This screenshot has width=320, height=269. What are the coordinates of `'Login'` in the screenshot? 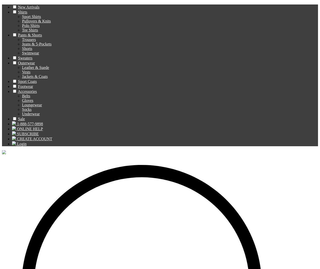 It's located at (21, 143).